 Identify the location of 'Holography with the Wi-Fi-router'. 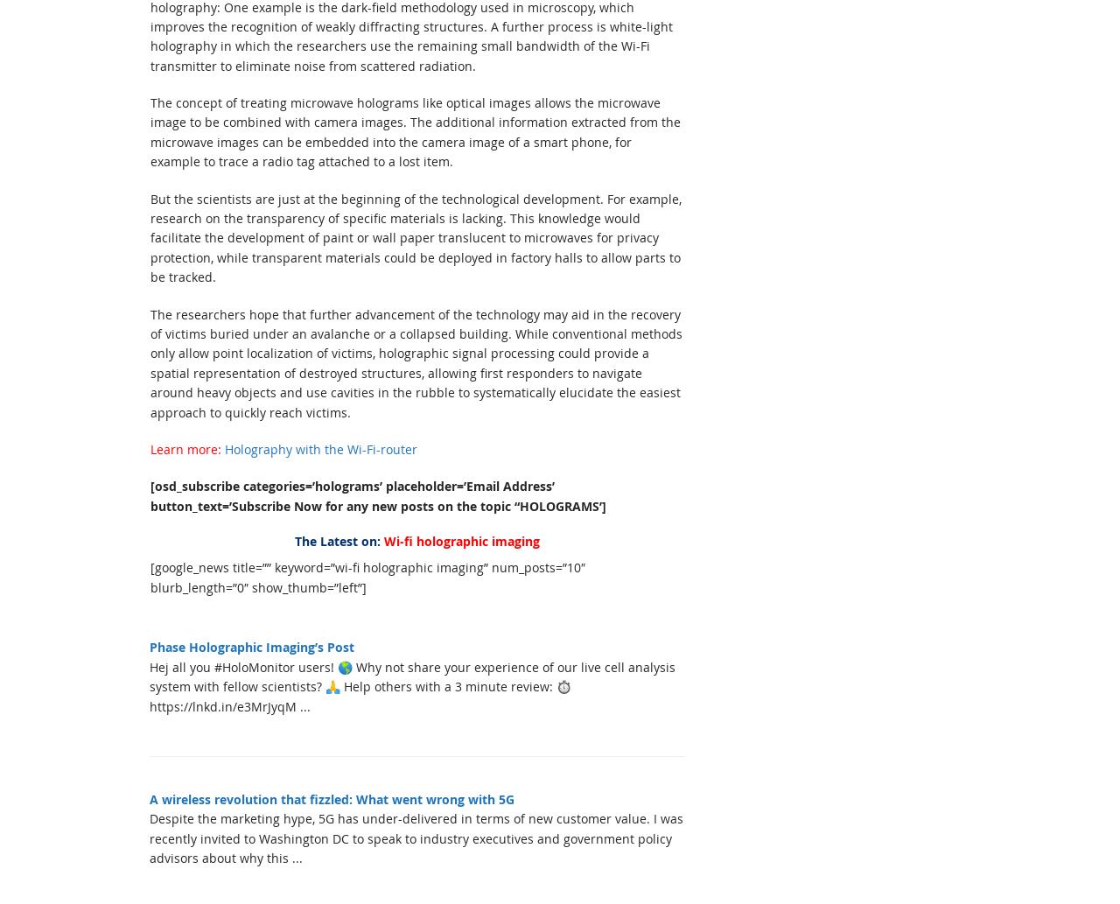
(224, 448).